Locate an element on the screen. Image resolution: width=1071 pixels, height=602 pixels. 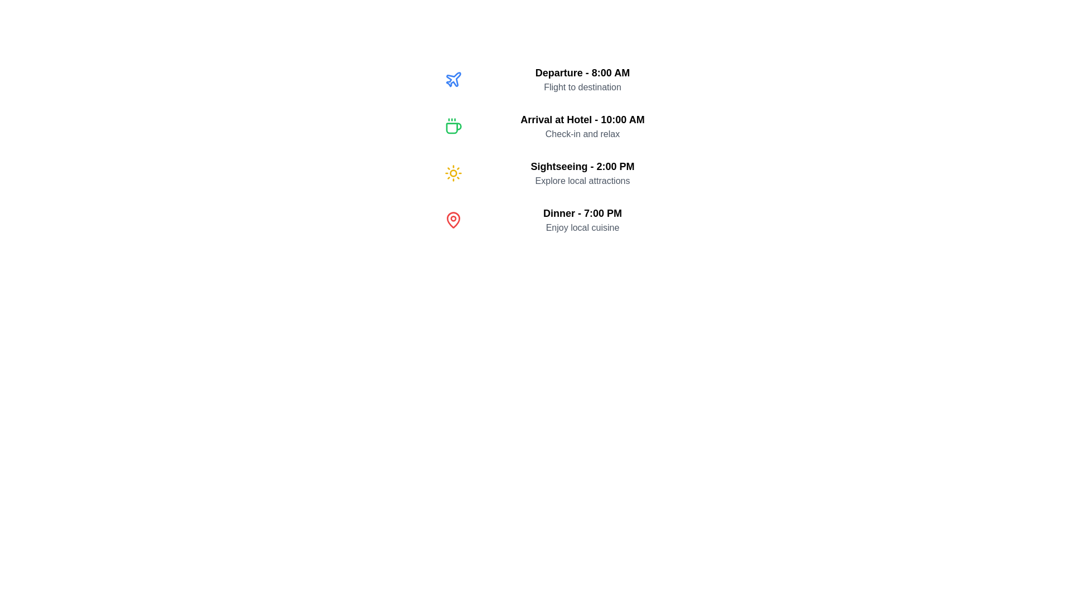
the red map pin icon located to the left of the 'Dinner - 7:00 PM' entry in the schedule is located at coordinates (453, 220).